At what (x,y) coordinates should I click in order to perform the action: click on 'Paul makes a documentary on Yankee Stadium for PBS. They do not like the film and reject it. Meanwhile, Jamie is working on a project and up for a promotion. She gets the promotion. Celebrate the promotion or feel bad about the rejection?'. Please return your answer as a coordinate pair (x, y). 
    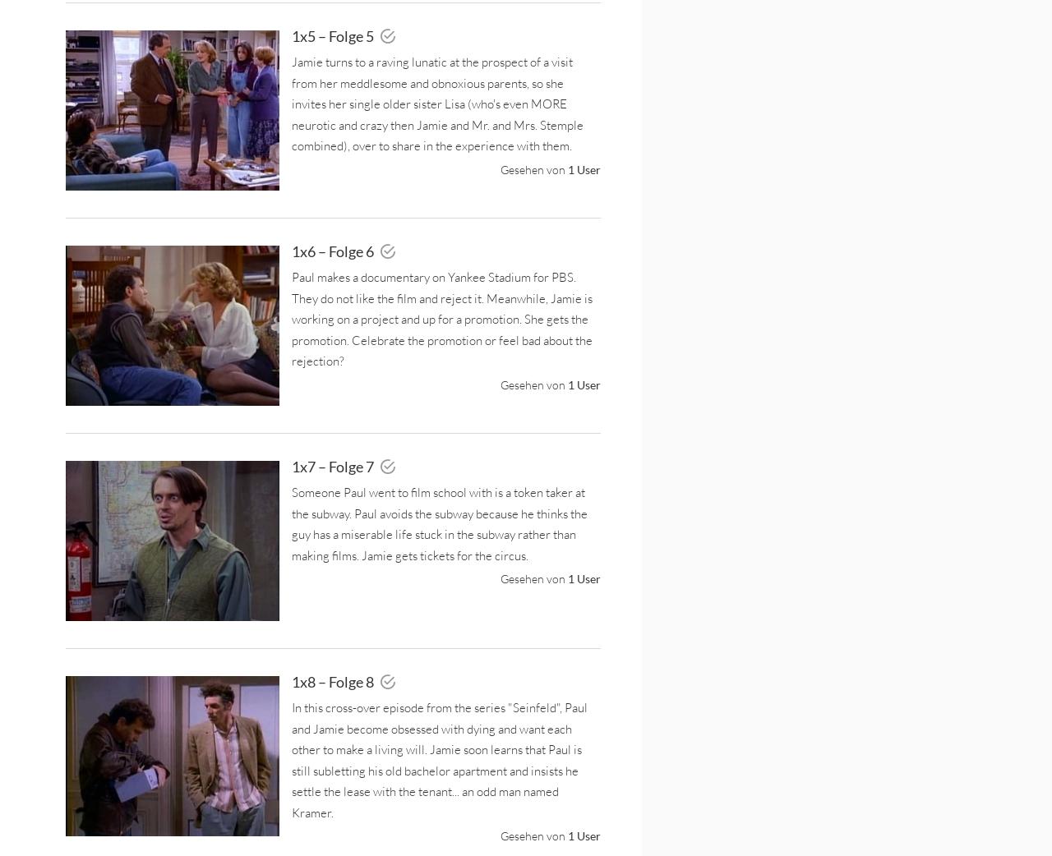
    Looking at the image, I should click on (441, 318).